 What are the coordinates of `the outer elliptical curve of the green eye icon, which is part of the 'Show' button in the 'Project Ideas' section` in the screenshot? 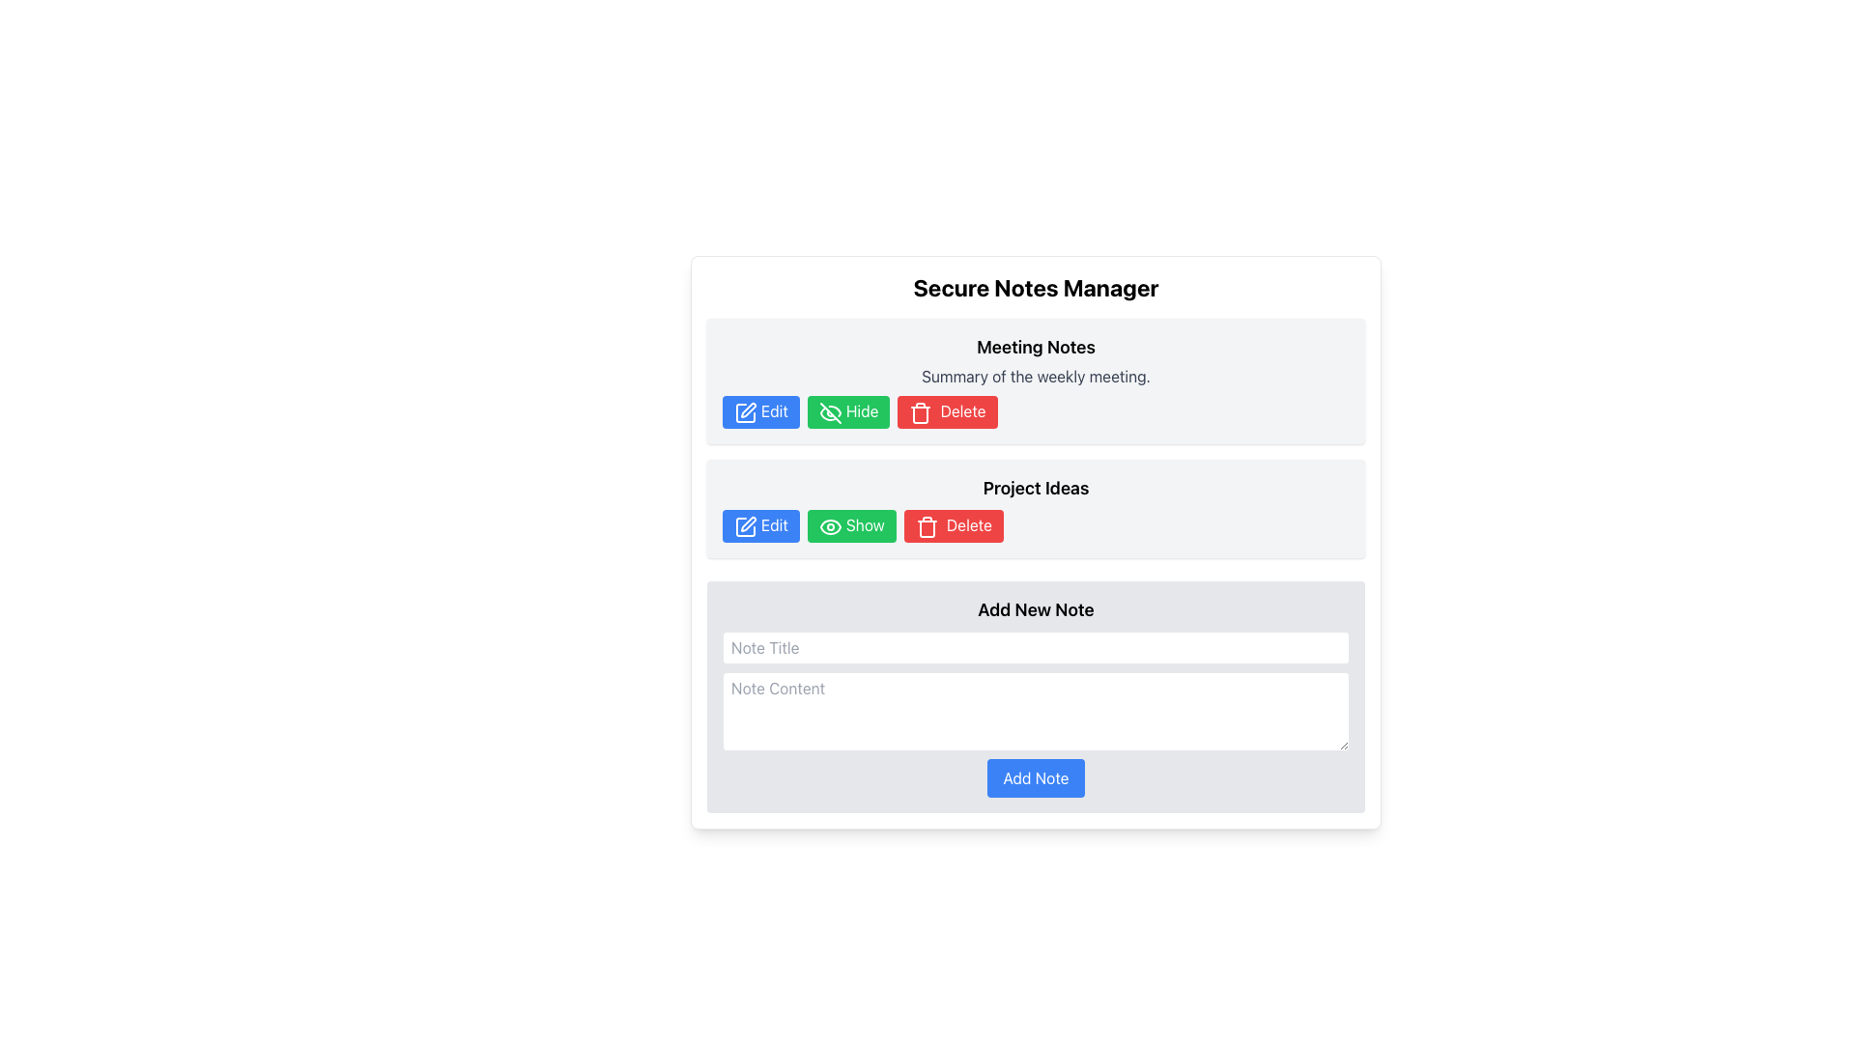 It's located at (830, 526).